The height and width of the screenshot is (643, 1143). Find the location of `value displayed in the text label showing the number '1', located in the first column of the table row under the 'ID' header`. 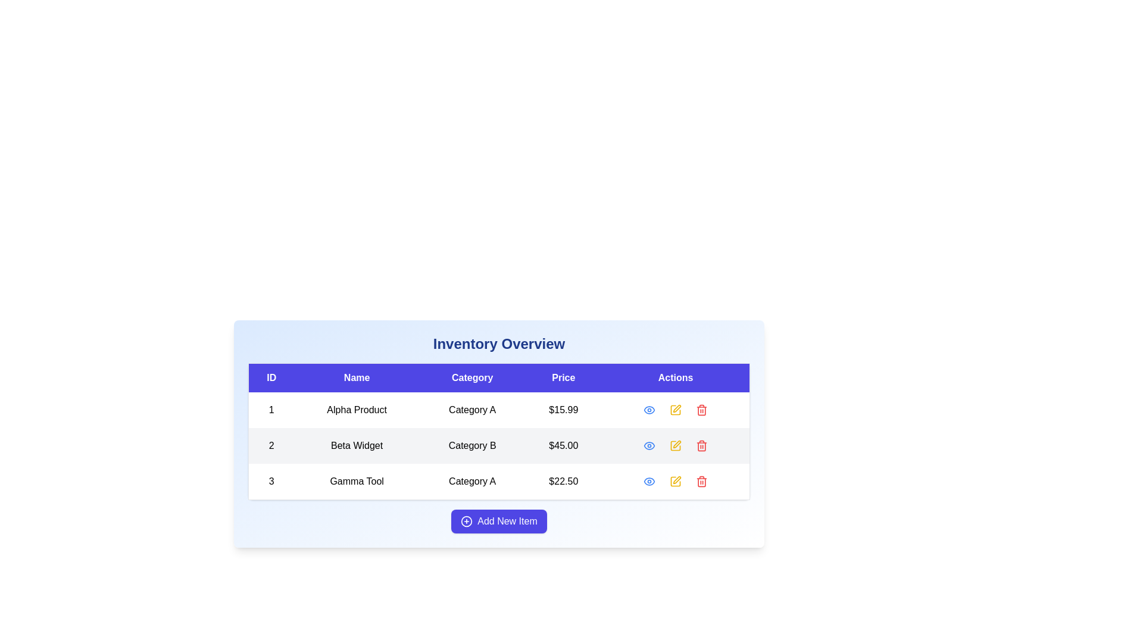

value displayed in the text label showing the number '1', located in the first column of the table row under the 'ID' header is located at coordinates (271, 410).